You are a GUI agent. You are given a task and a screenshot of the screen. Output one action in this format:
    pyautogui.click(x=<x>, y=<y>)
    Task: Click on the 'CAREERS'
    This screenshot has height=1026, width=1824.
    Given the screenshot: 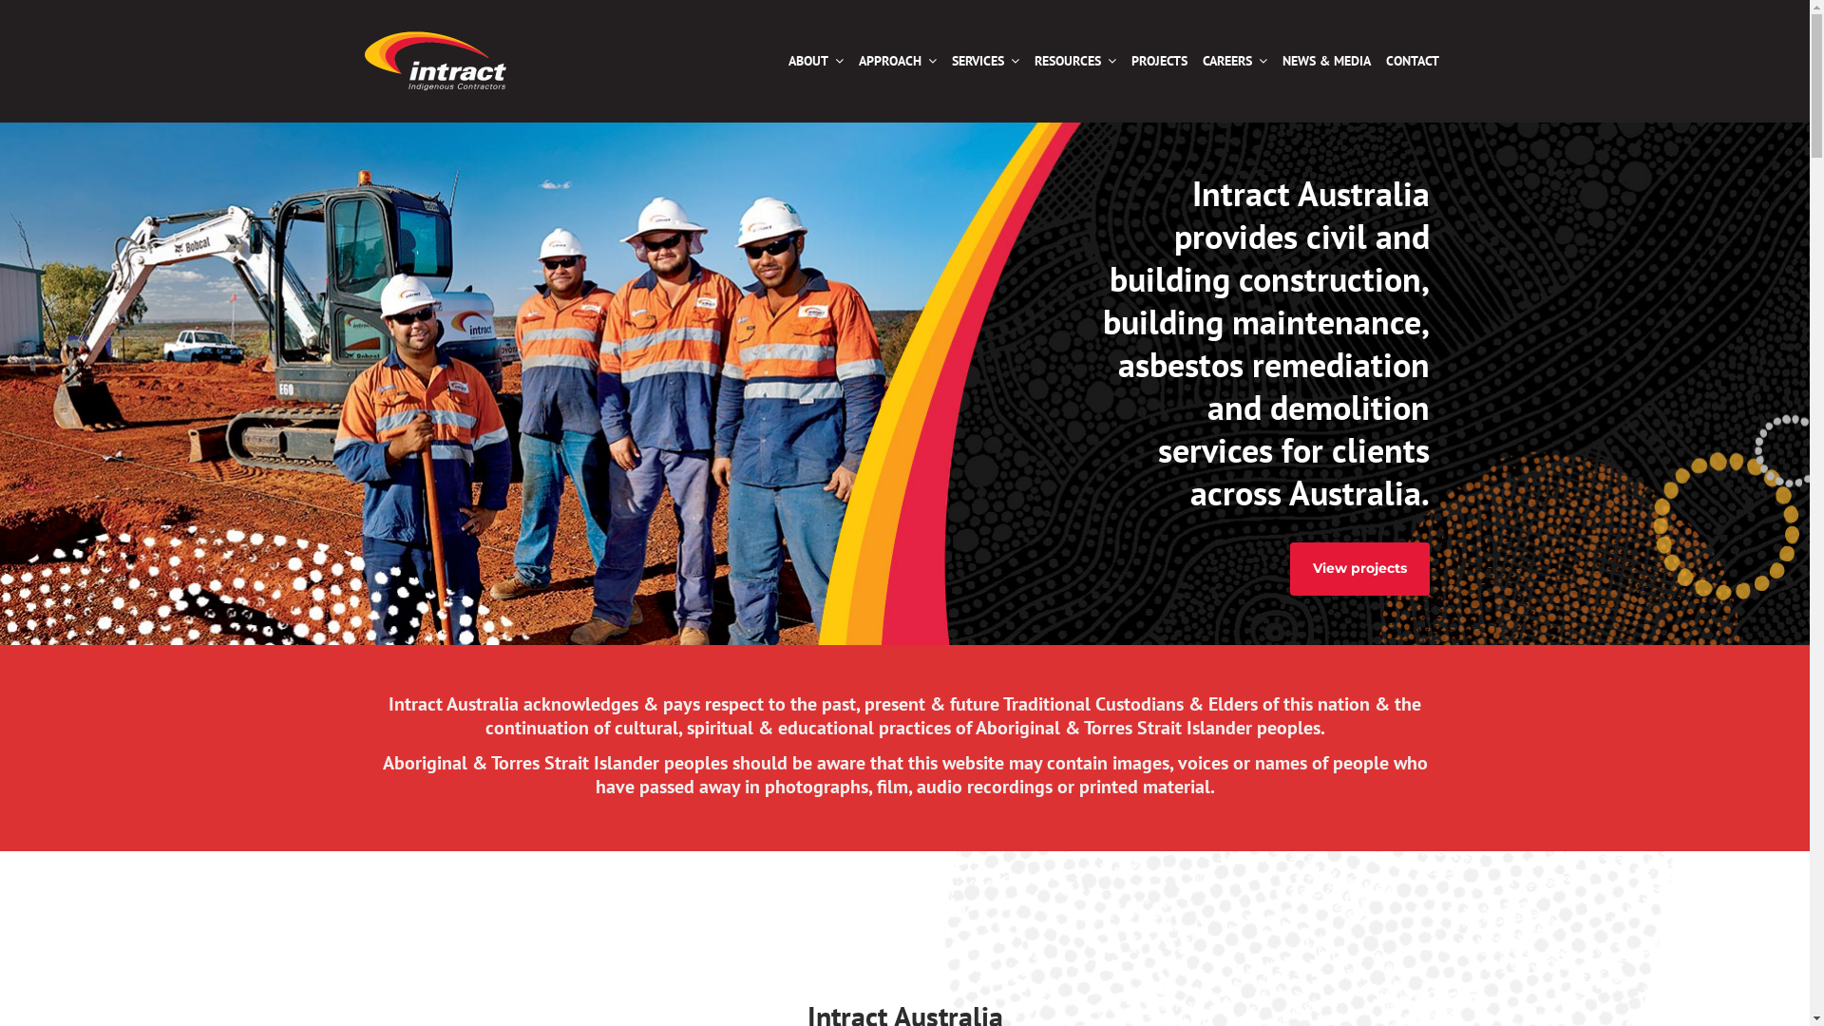 What is the action you would take?
    pyautogui.click(x=1193, y=60)
    